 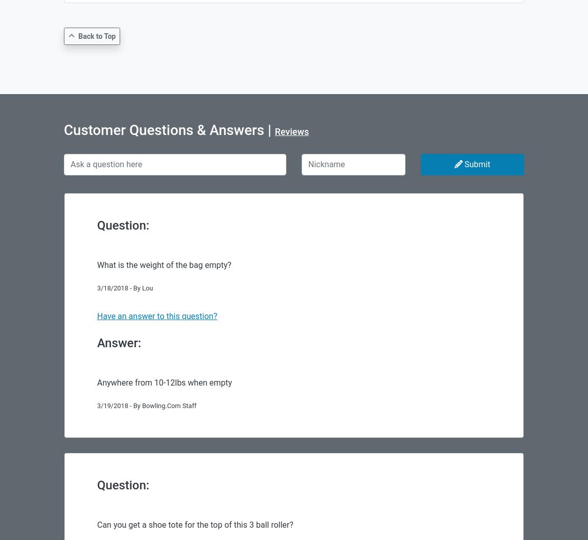 I want to click on 'Bowling.Com Staff', so click(x=169, y=405).